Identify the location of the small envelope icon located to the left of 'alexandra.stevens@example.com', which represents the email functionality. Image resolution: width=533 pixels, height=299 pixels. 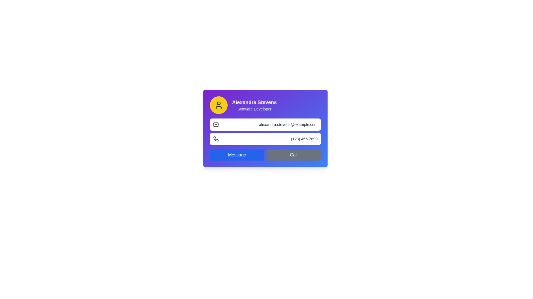
(215, 125).